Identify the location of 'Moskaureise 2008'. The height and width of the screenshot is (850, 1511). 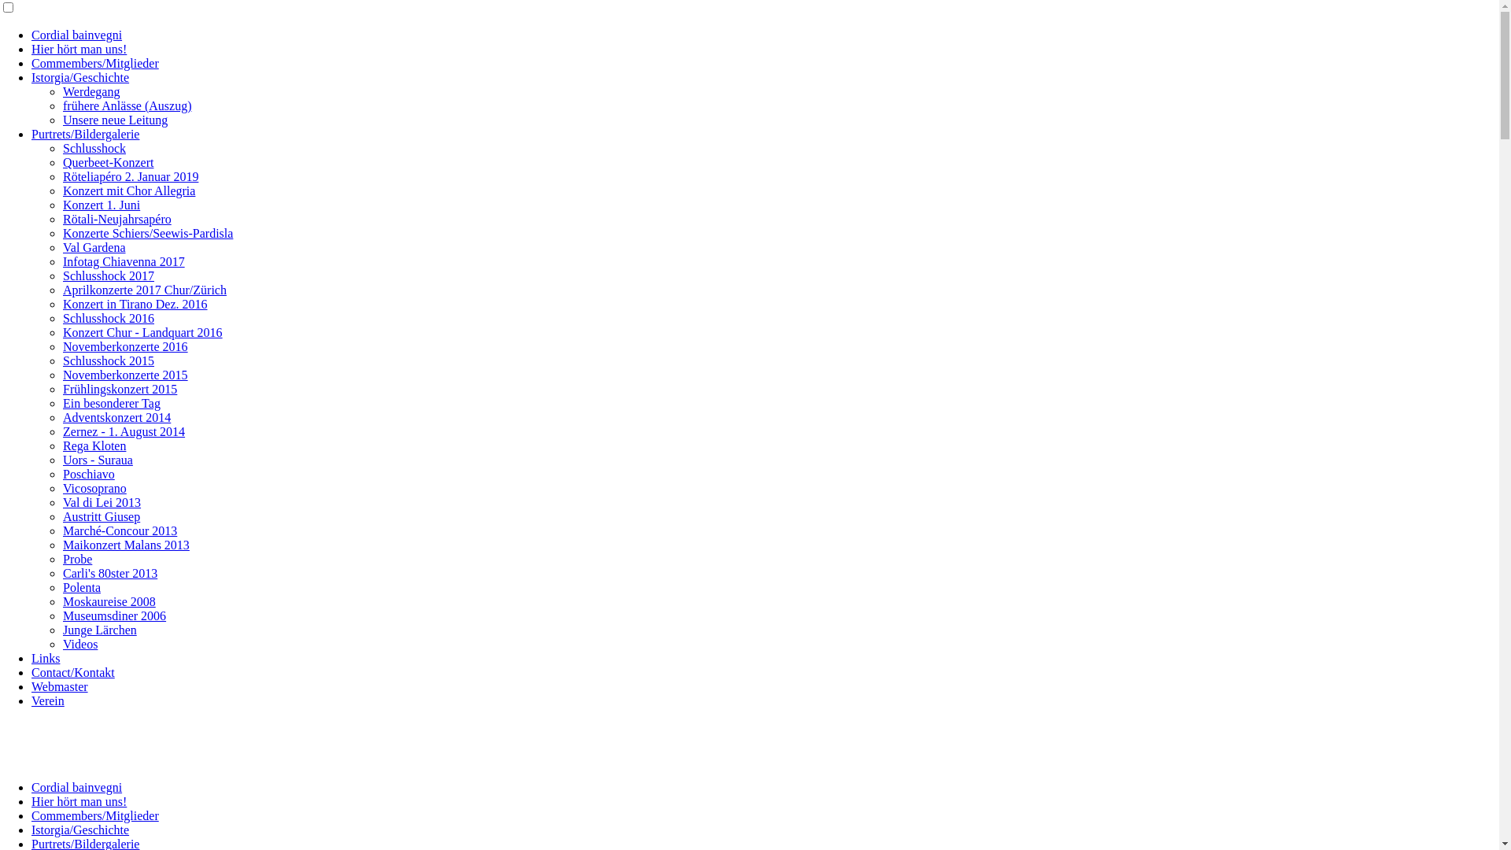
(109, 601).